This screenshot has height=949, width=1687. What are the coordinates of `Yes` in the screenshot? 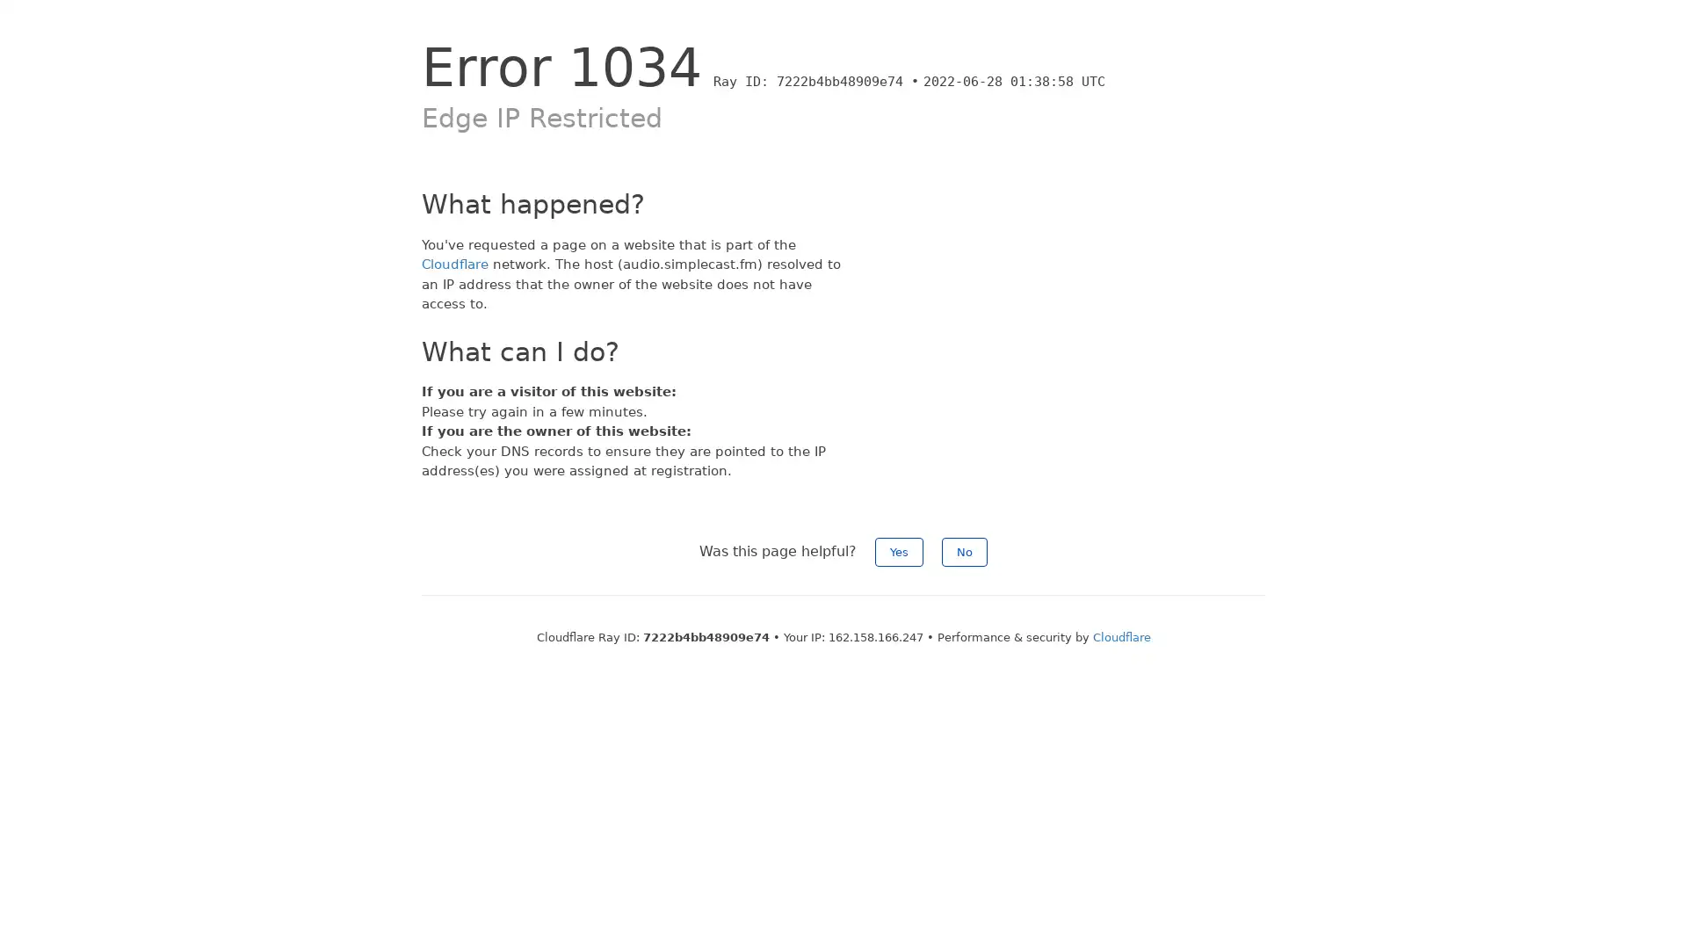 It's located at (899, 550).